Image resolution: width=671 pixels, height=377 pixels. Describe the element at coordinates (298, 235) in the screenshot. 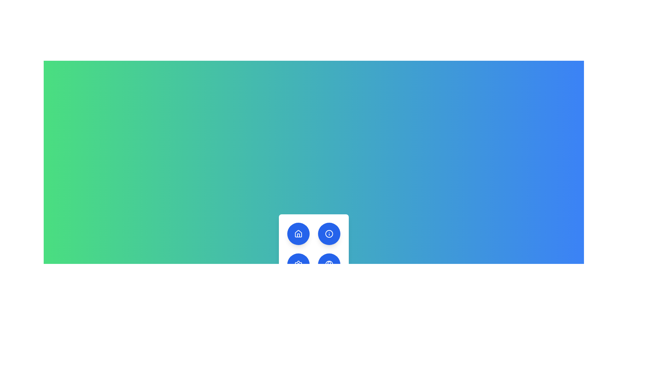

I see `the white house icon within the upper-left circular blue button in the 2x2 grid at the lower-central part of the interface` at that location.